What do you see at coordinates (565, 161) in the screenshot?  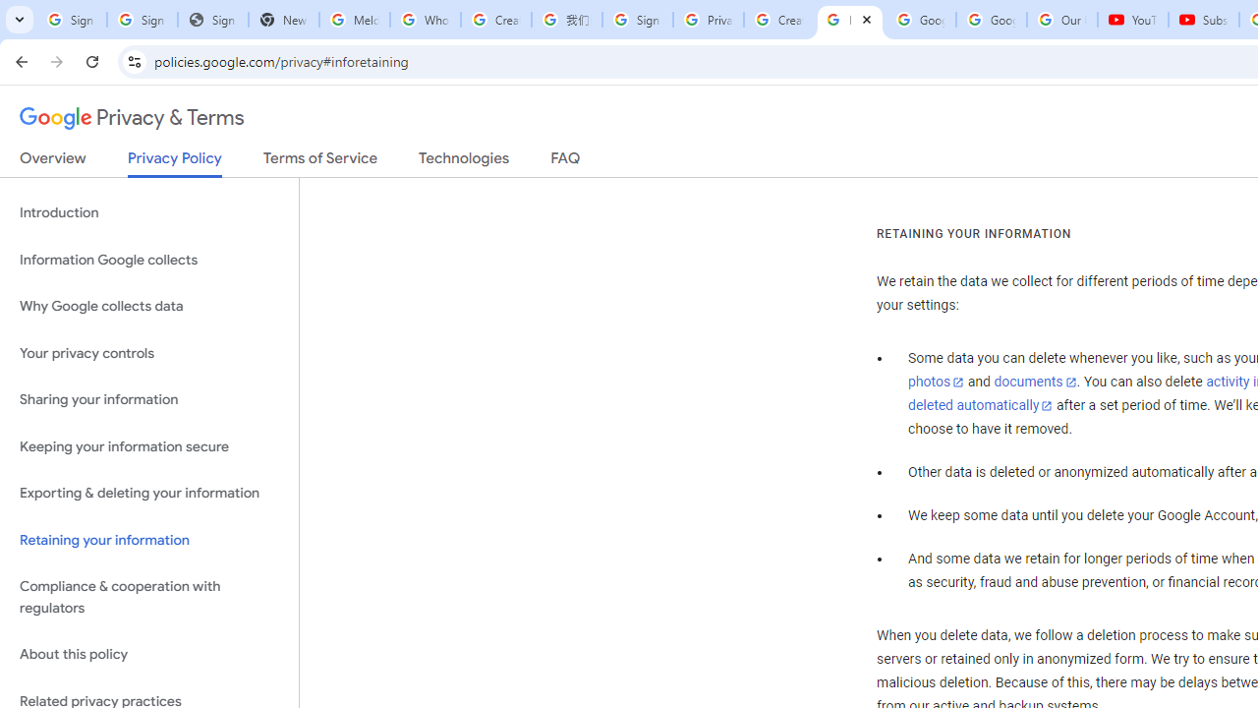 I see `'FAQ'` at bounding box center [565, 161].